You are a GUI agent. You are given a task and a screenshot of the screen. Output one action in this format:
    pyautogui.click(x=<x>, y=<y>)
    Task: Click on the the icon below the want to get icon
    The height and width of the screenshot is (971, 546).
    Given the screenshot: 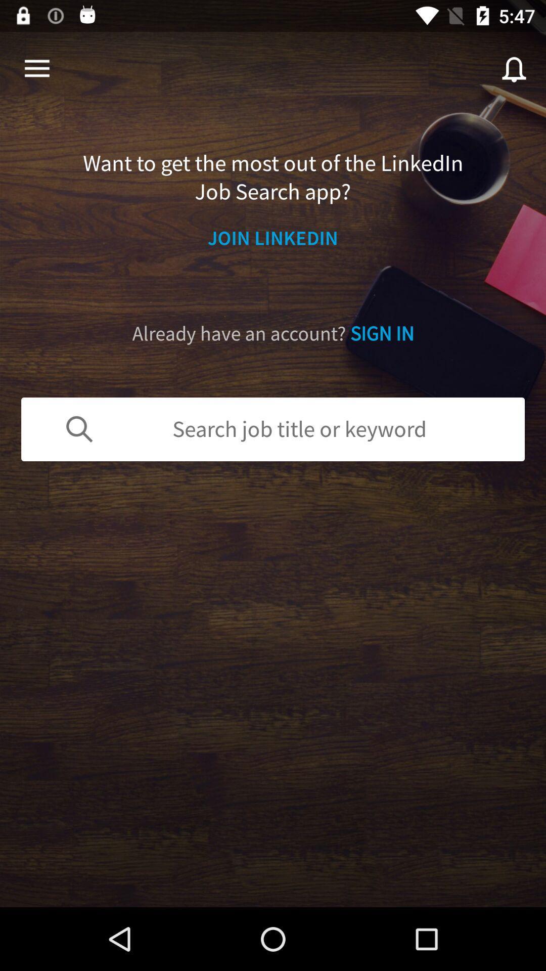 What is the action you would take?
    pyautogui.click(x=273, y=237)
    